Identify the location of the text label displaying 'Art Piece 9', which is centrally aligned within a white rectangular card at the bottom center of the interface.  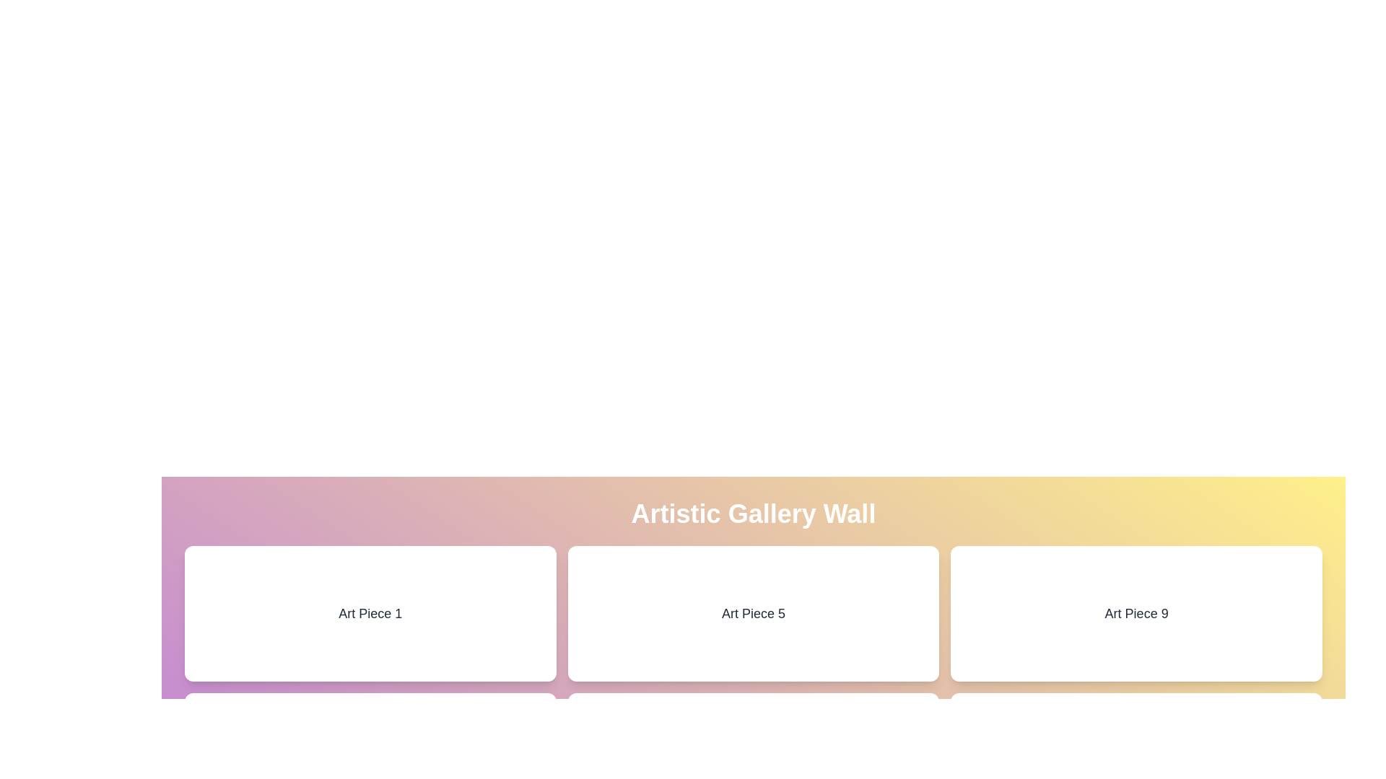
(1136, 614).